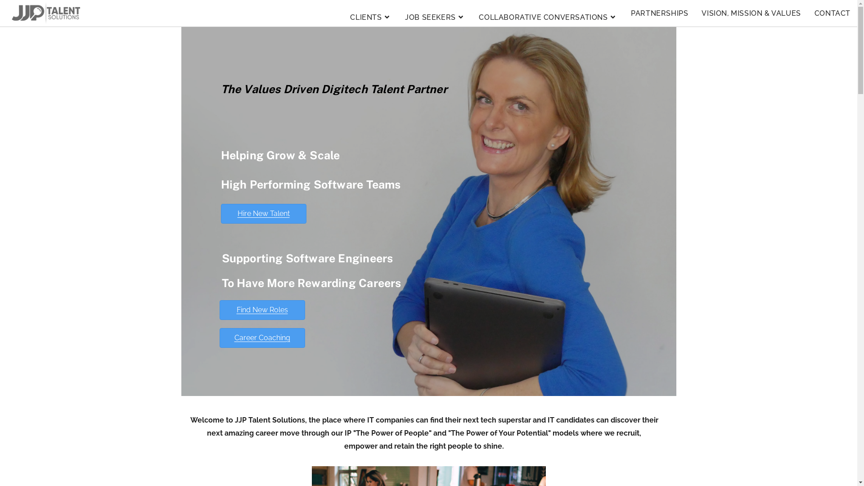  Describe the element at coordinates (261, 310) in the screenshot. I see `'Find New Roles'` at that location.